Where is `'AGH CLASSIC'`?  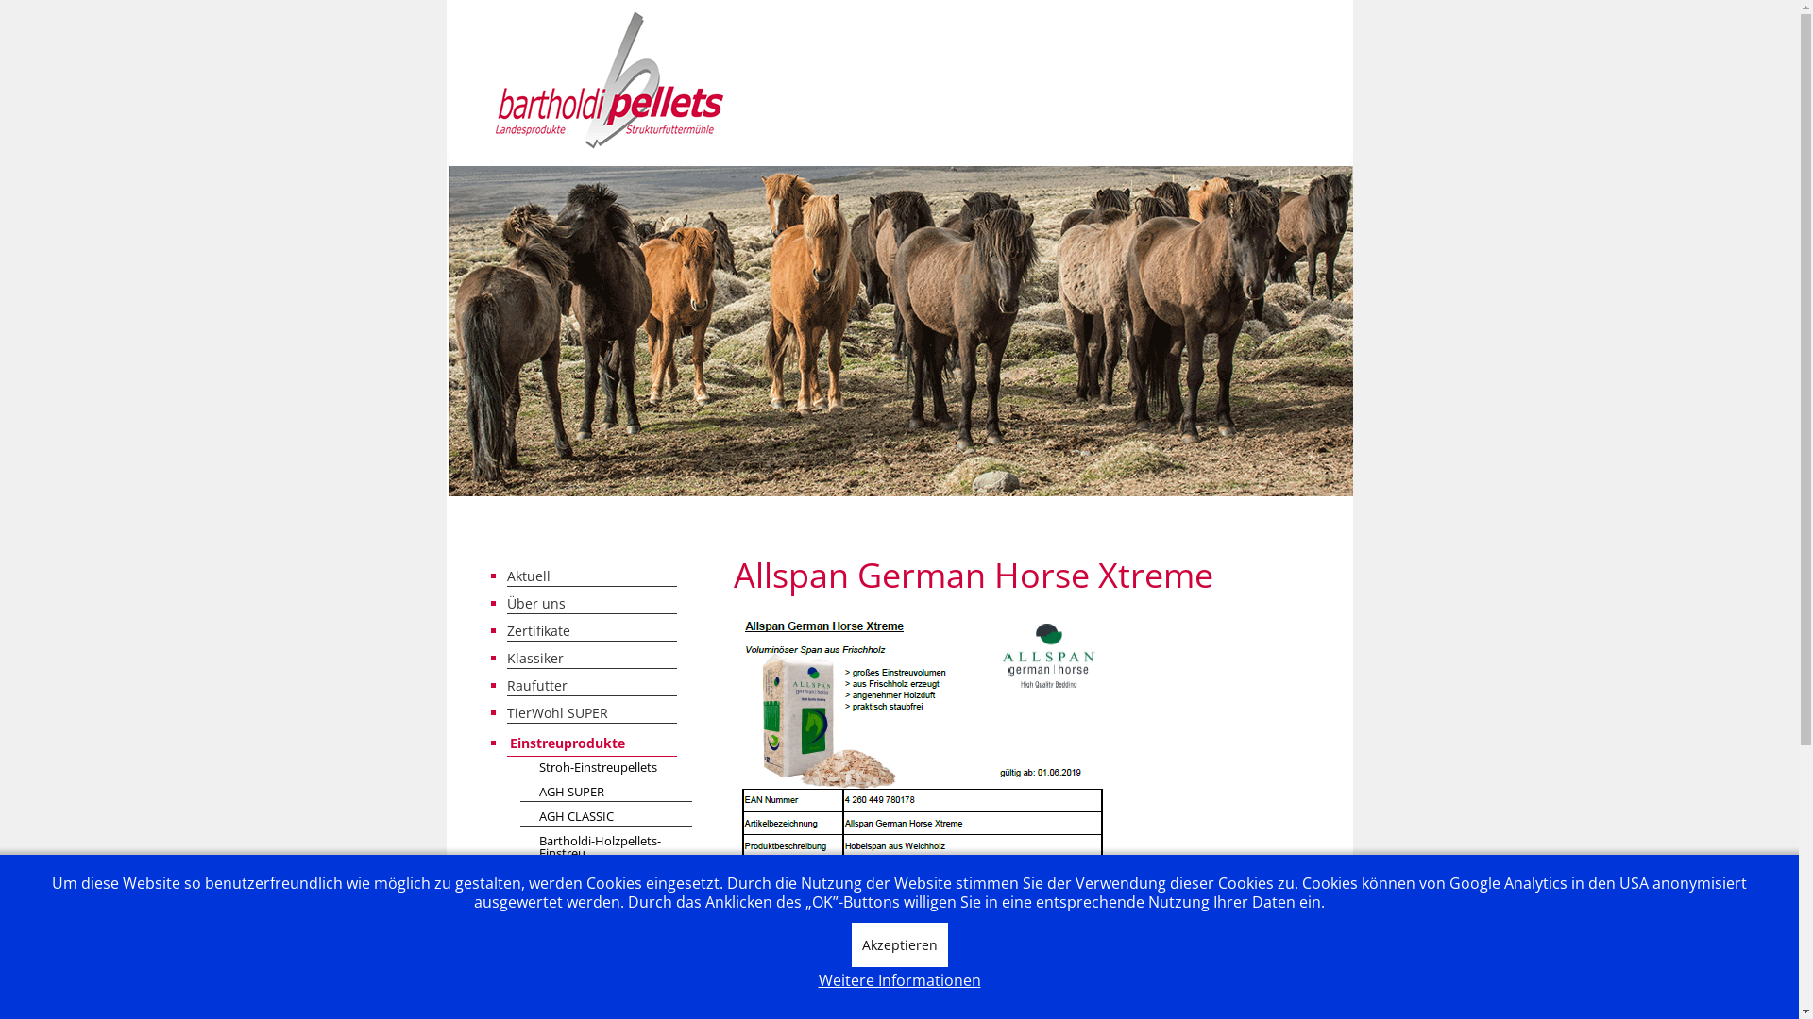
'AGH CLASSIC' is located at coordinates (605, 816).